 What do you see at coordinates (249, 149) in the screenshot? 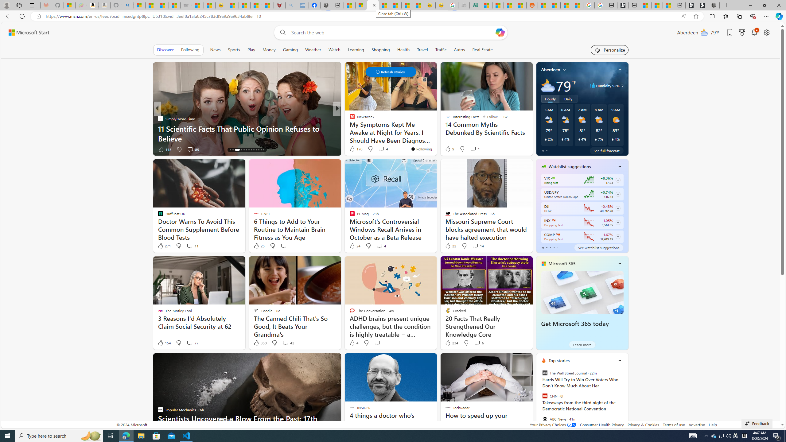
I see `'AutomationID: tab-20'` at bounding box center [249, 149].